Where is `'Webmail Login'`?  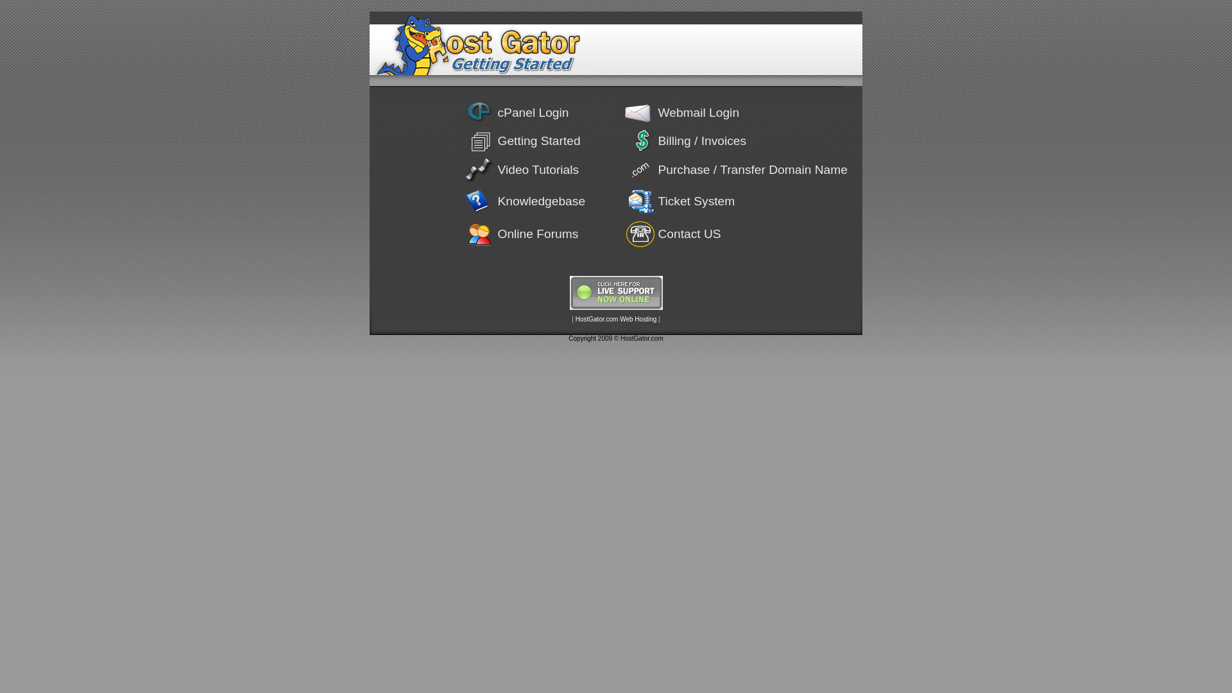
'Webmail Login' is located at coordinates (658, 112).